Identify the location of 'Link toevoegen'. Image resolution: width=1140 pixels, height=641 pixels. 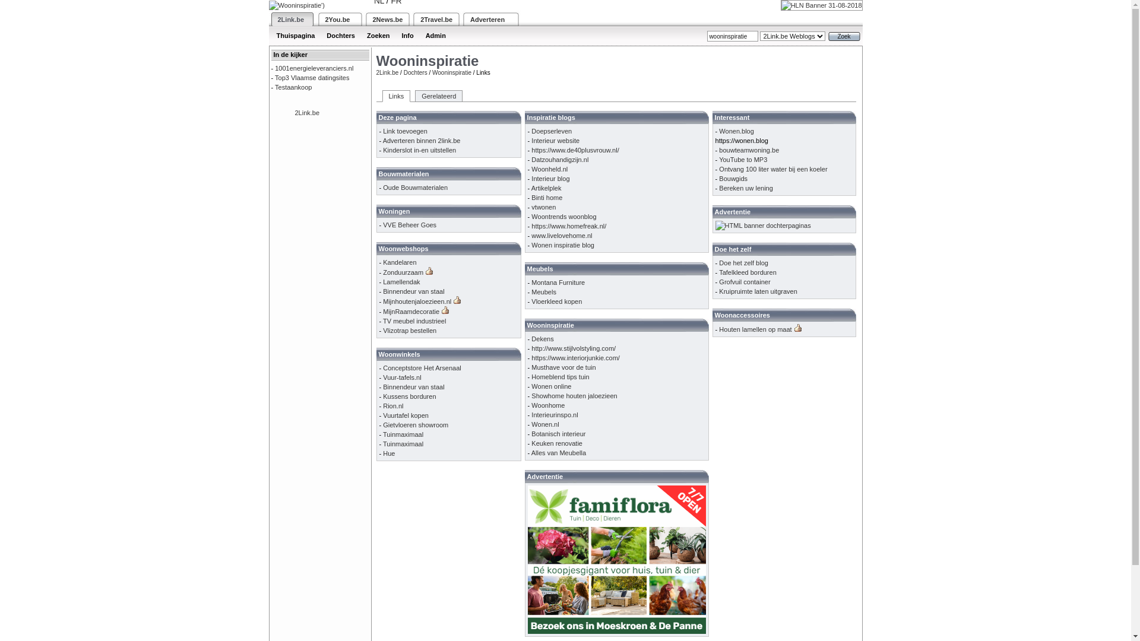
(382, 131).